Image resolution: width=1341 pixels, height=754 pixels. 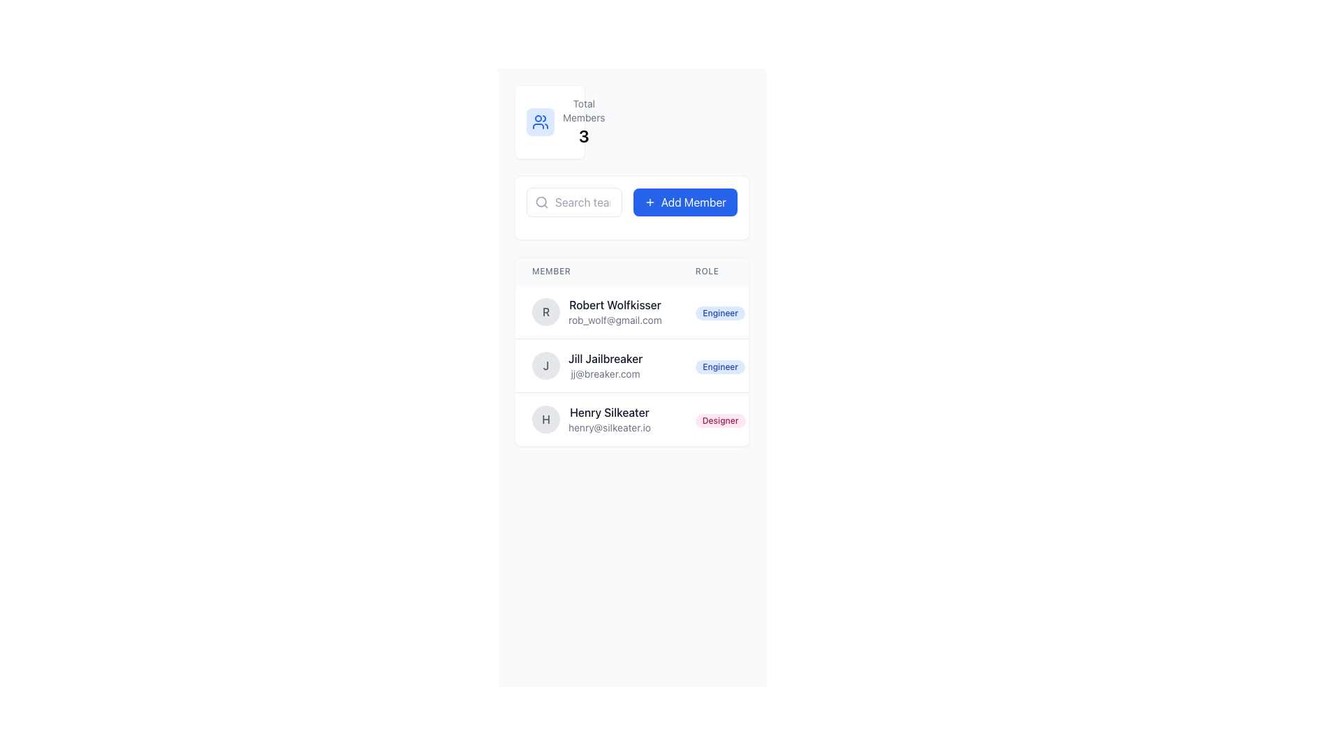 I want to click on the user profile entry displaying the circular avatar with the initial 'R', the name 'Robert Wolfkisser' in bold, and the email 'rob_wolf@gmail.com', which is the top entry in the list of profiles, so click(x=596, y=311).